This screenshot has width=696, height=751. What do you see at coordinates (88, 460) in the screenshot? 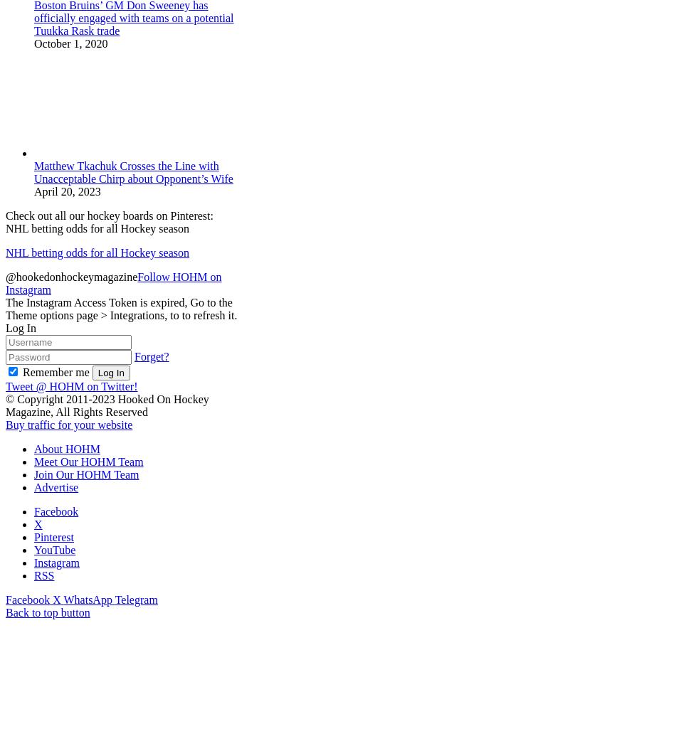
I see `'Meet Our HOHM Team'` at bounding box center [88, 460].